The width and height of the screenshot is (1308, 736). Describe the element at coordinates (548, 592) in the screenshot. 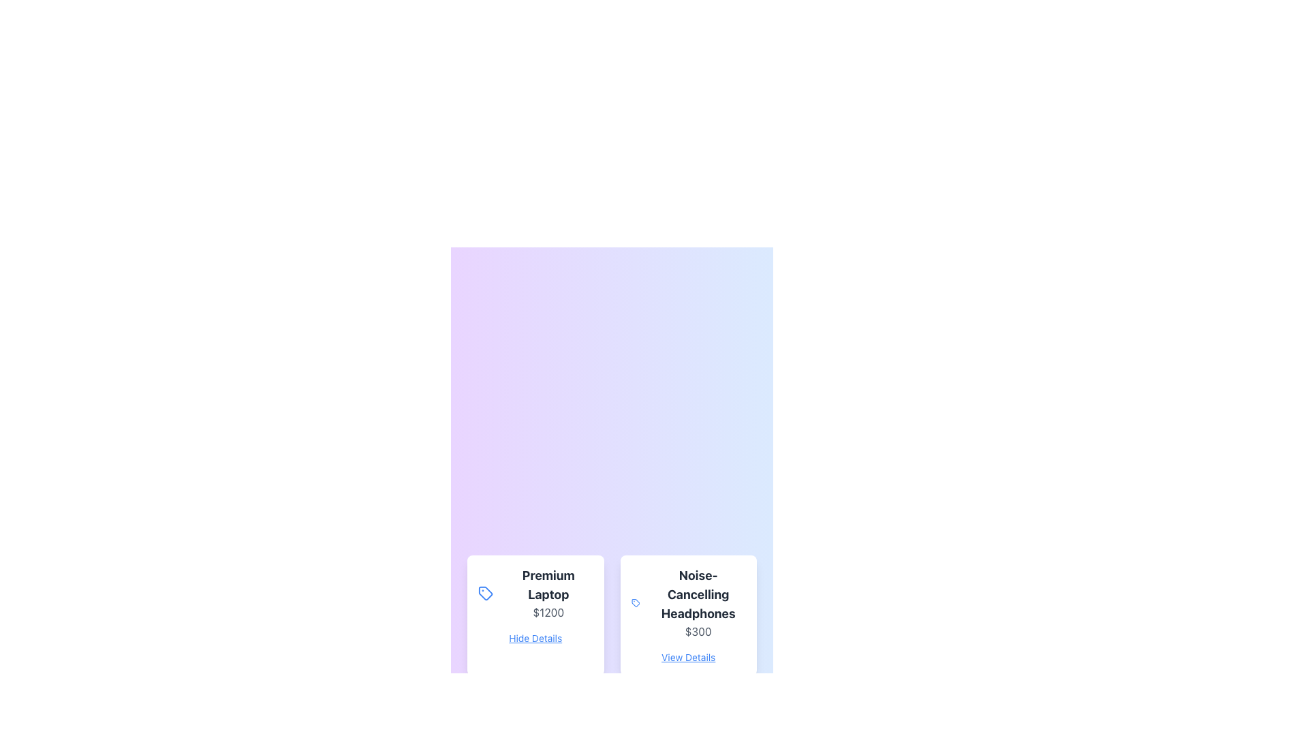

I see `the Text Display element that shows the name and price of a product within the leftmost card in a horizontal series` at that location.